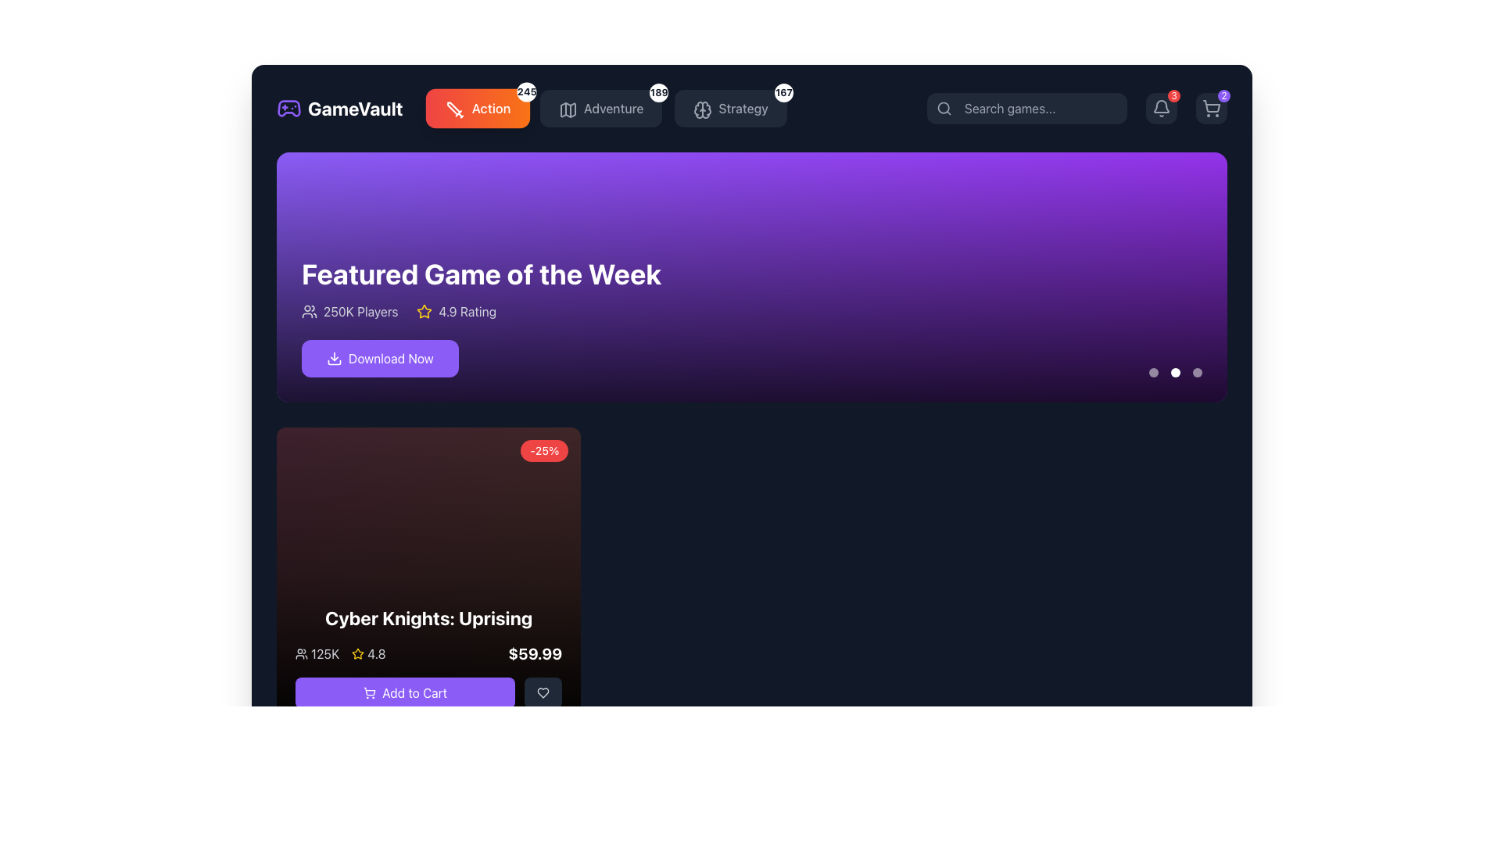 The image size is (1501, 844). Describe the element at coordinates (288, 107) in the screenshot. I see `the graphical icon representing gaming-related features located in the upper-left section of the interface, adjacent to the GameVault logo` at that location.